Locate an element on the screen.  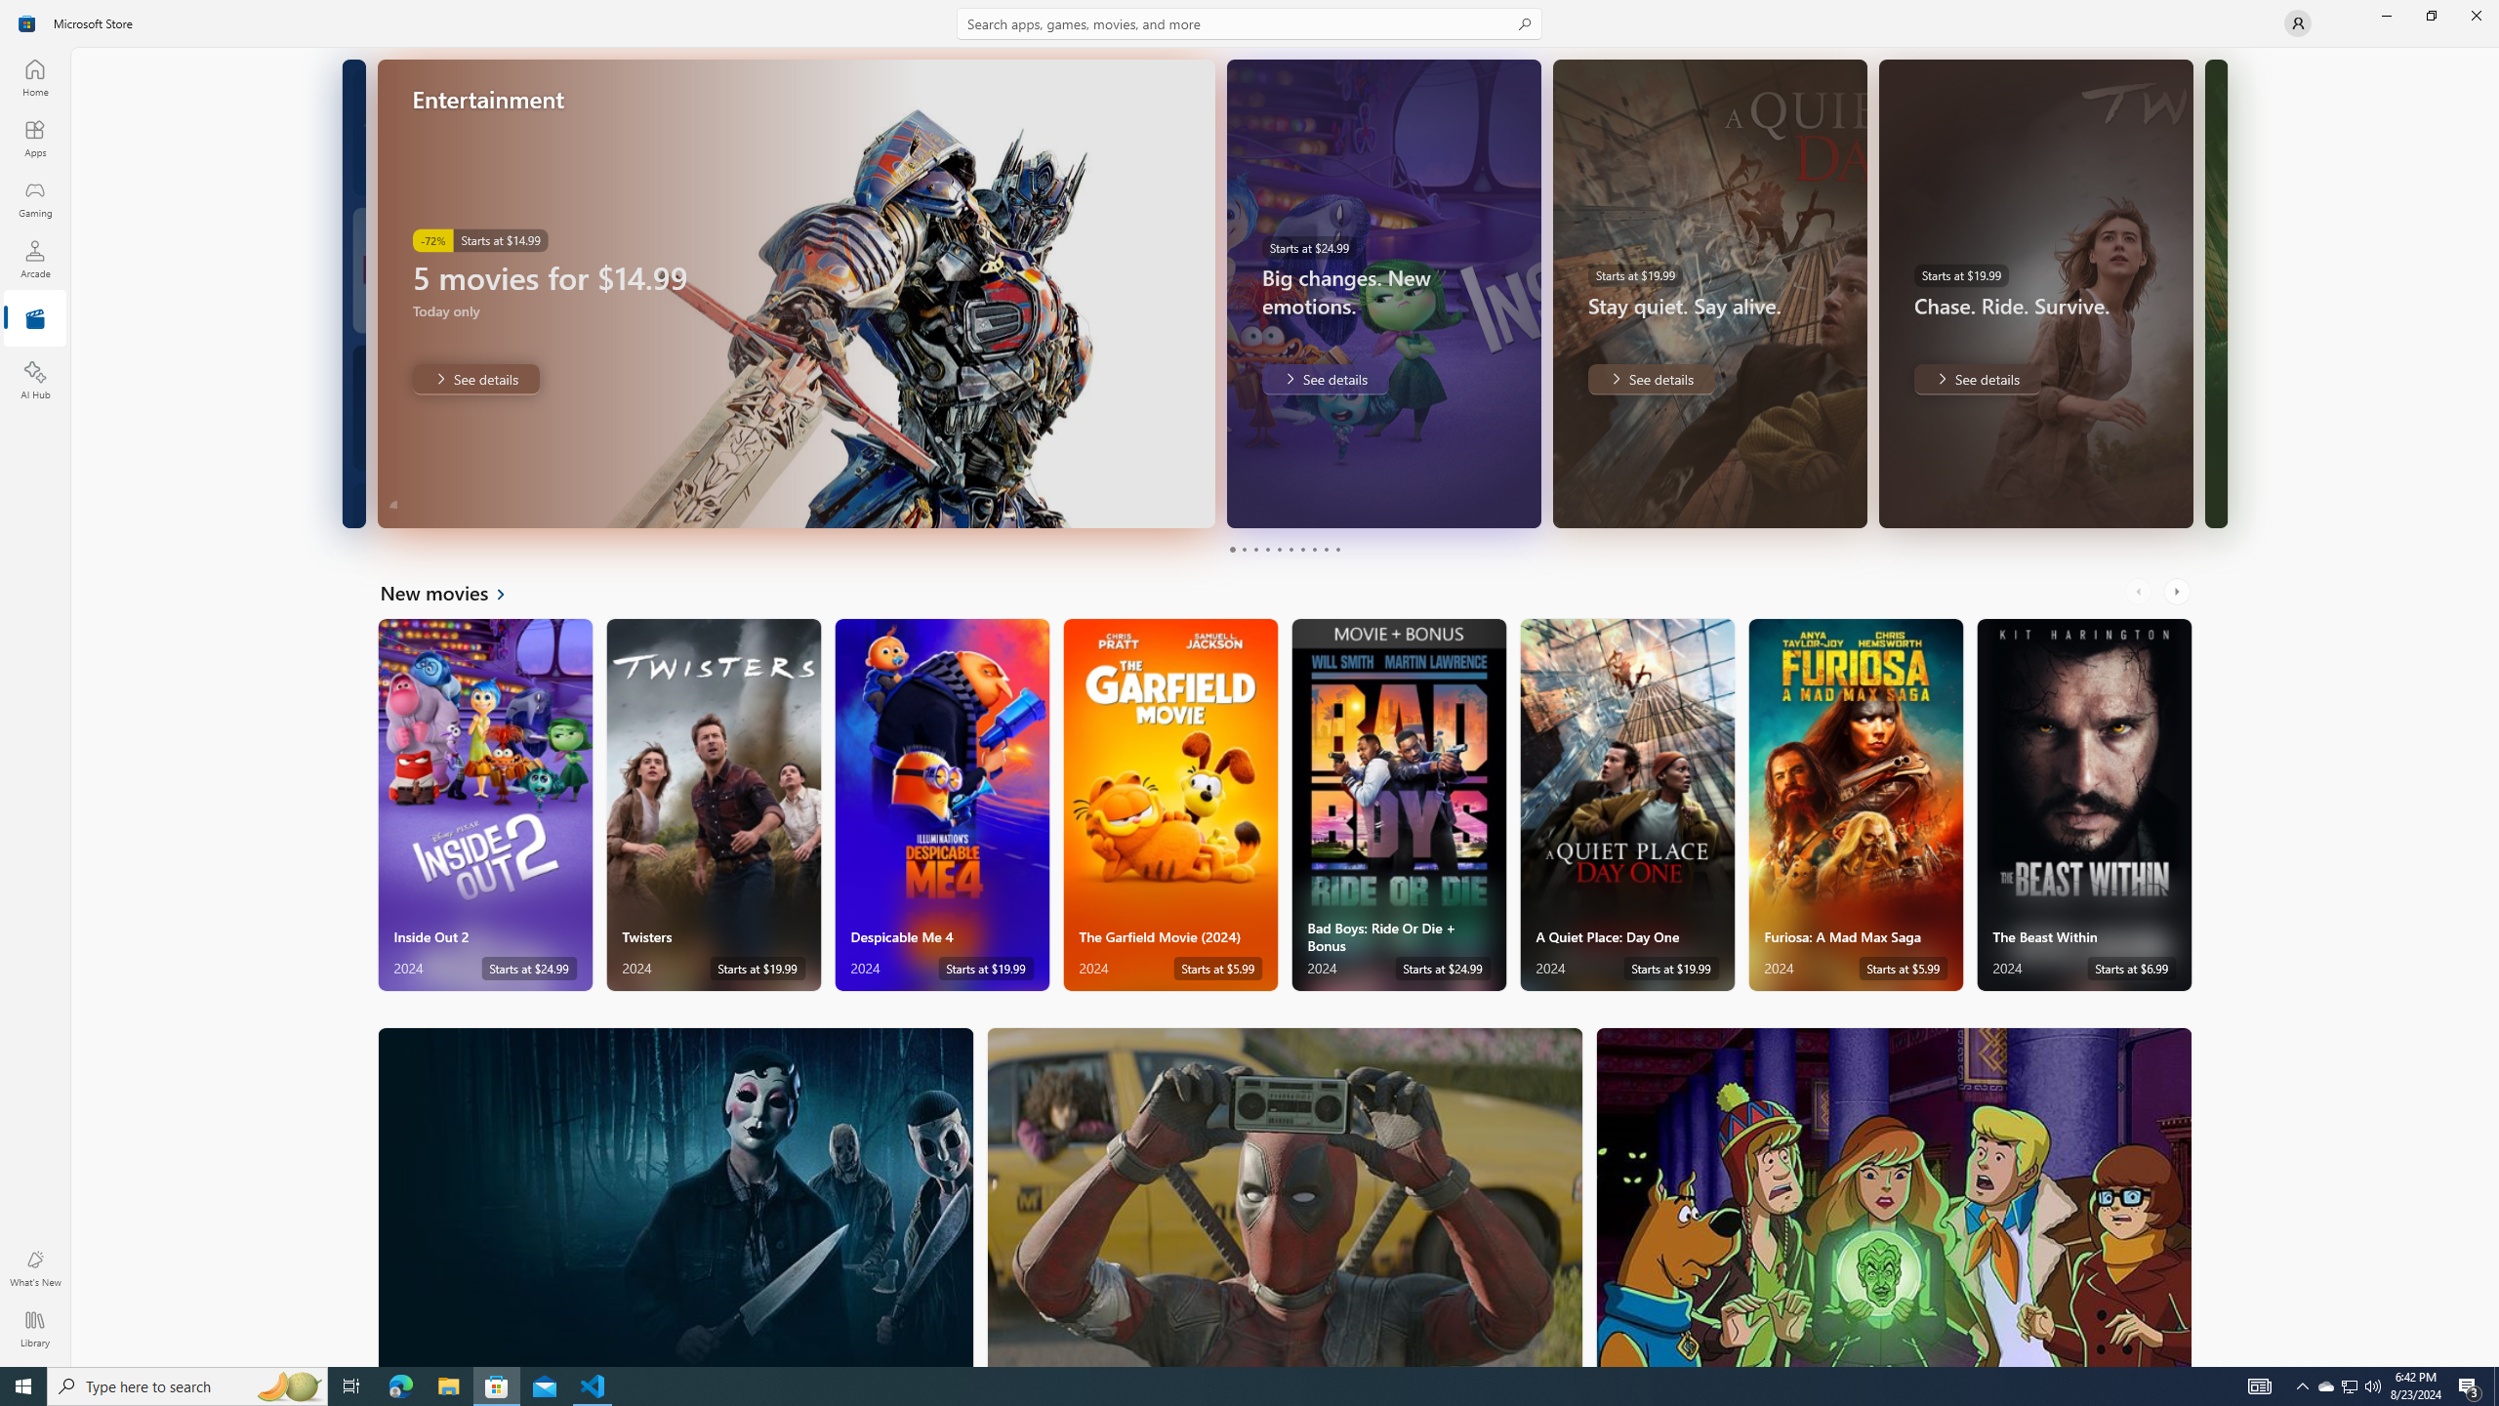
'Bad Boys: Ride Or Die + Bonus. Starts at $24.99  ' is located at coordinates (1397, 805).